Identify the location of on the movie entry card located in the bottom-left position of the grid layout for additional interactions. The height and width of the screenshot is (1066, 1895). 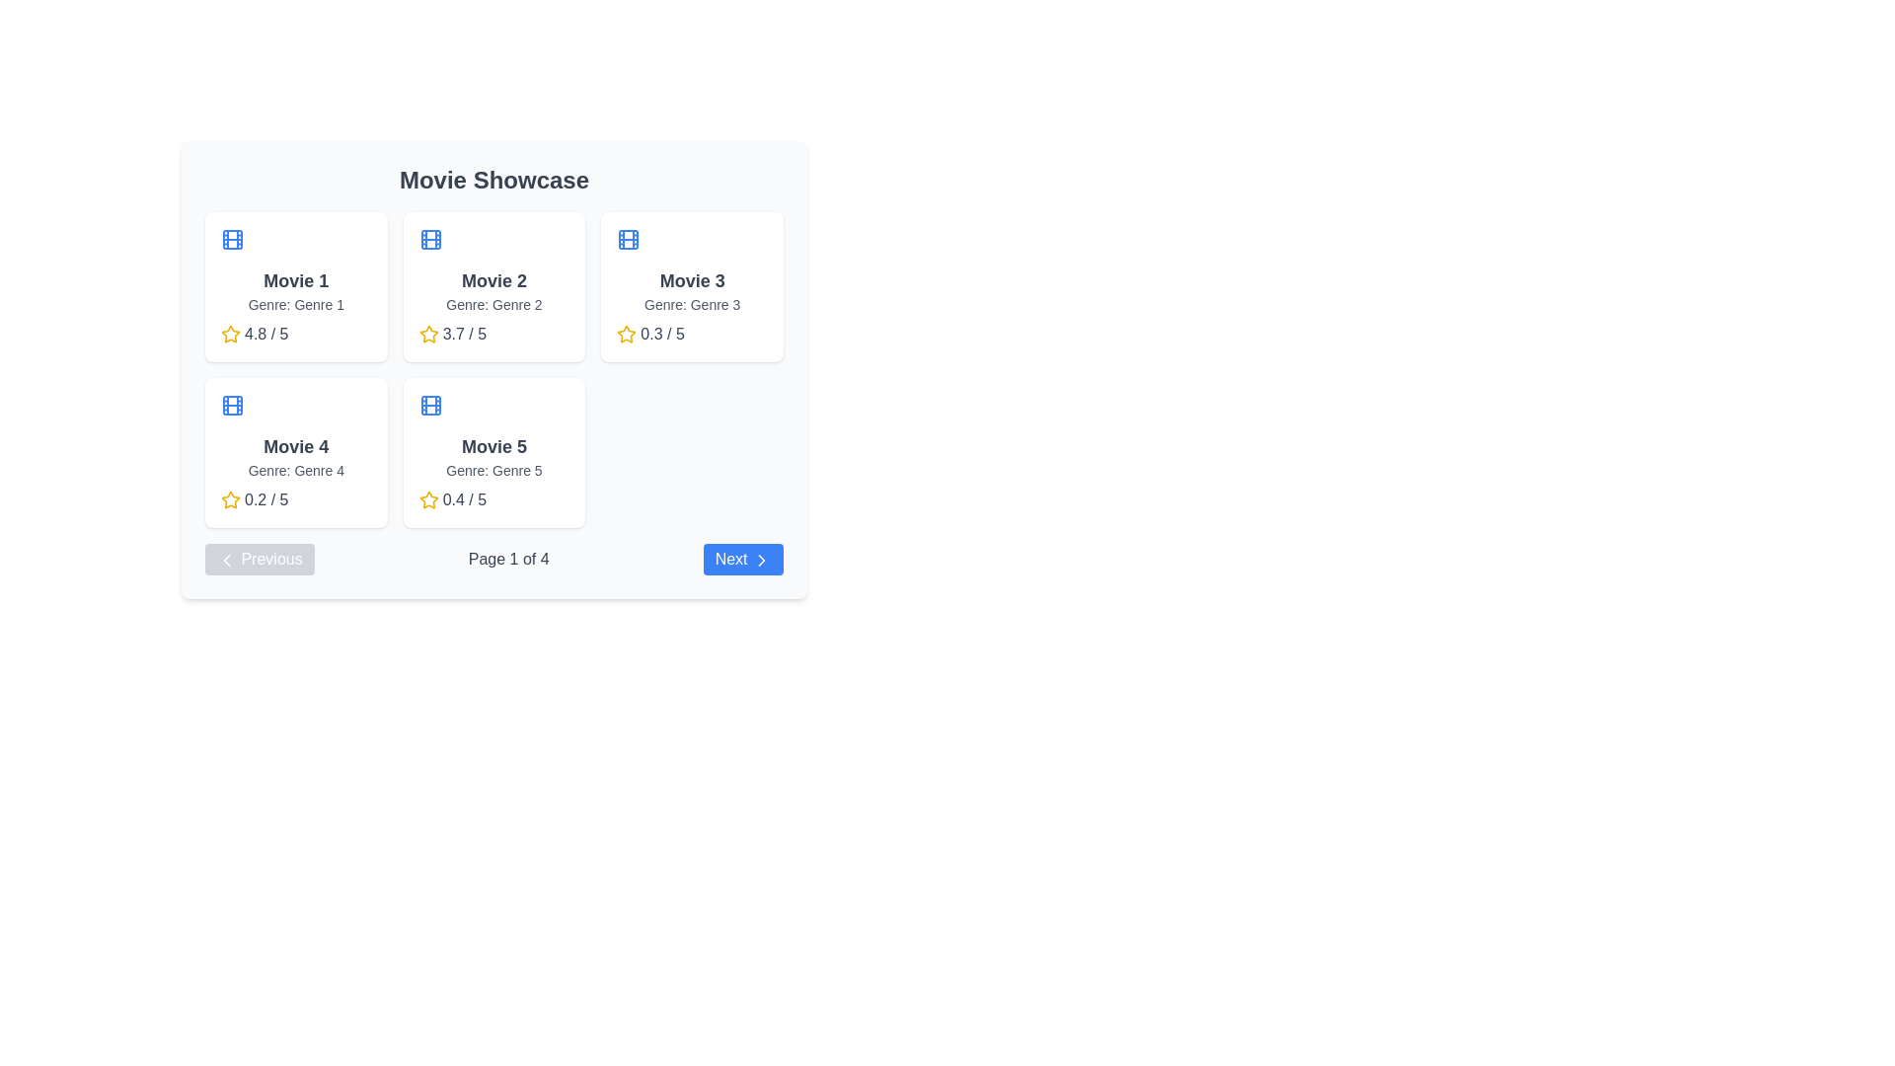
(294, 453).